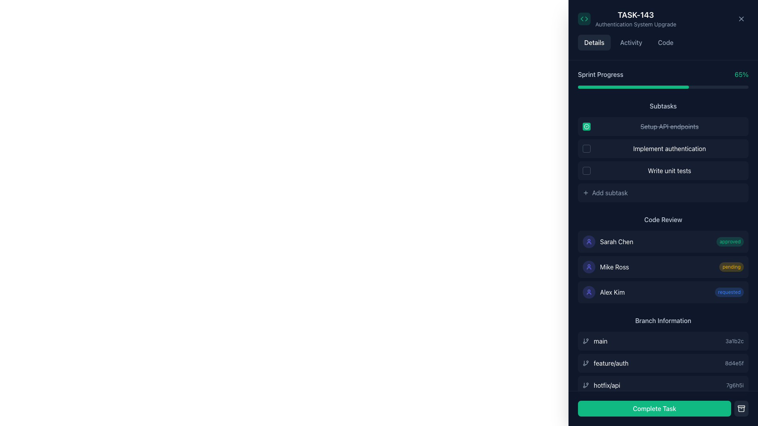  Describe the element at coordinates (730, 241) in the screenshot. I see `status text of the 'approved' badge located at the end of the row for 'Sarah Chen' in the 'Code Review' section` at that location.